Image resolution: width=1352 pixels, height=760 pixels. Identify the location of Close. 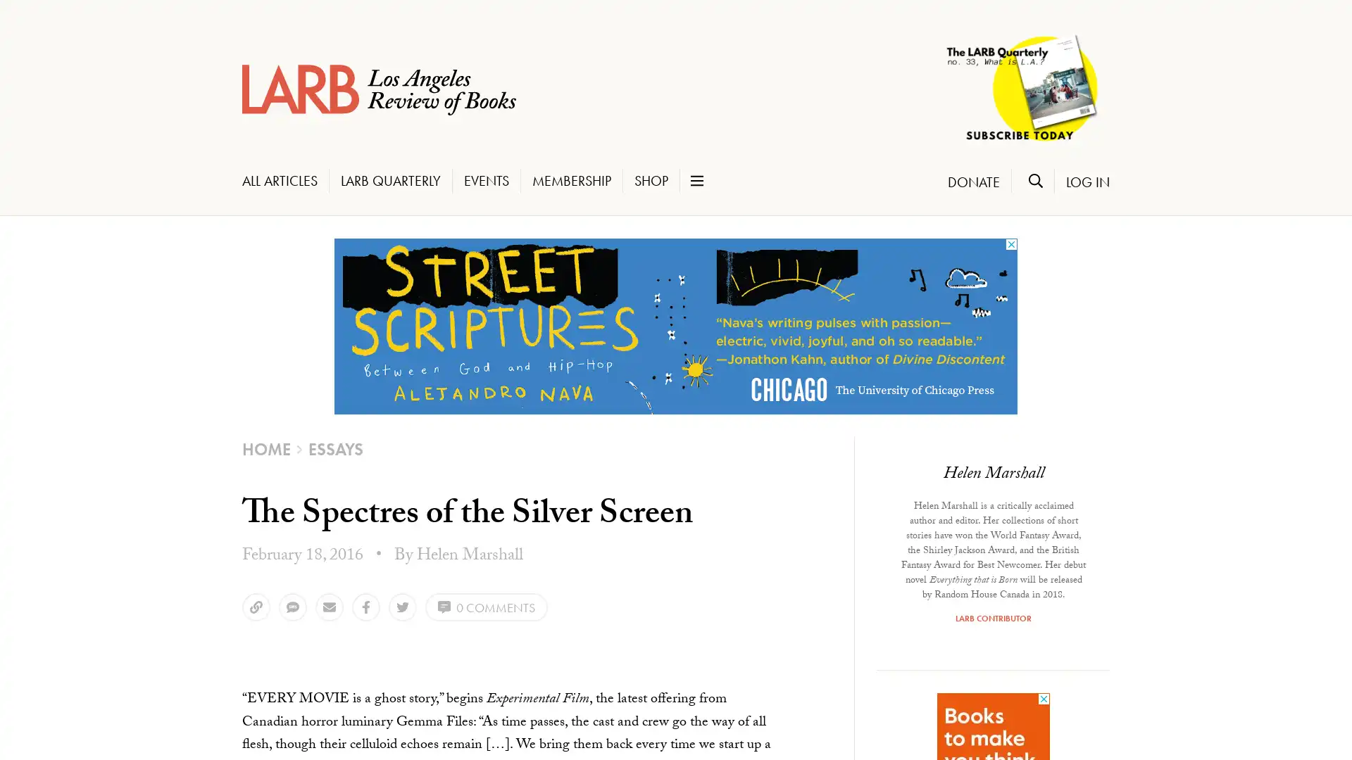
(218, 385).